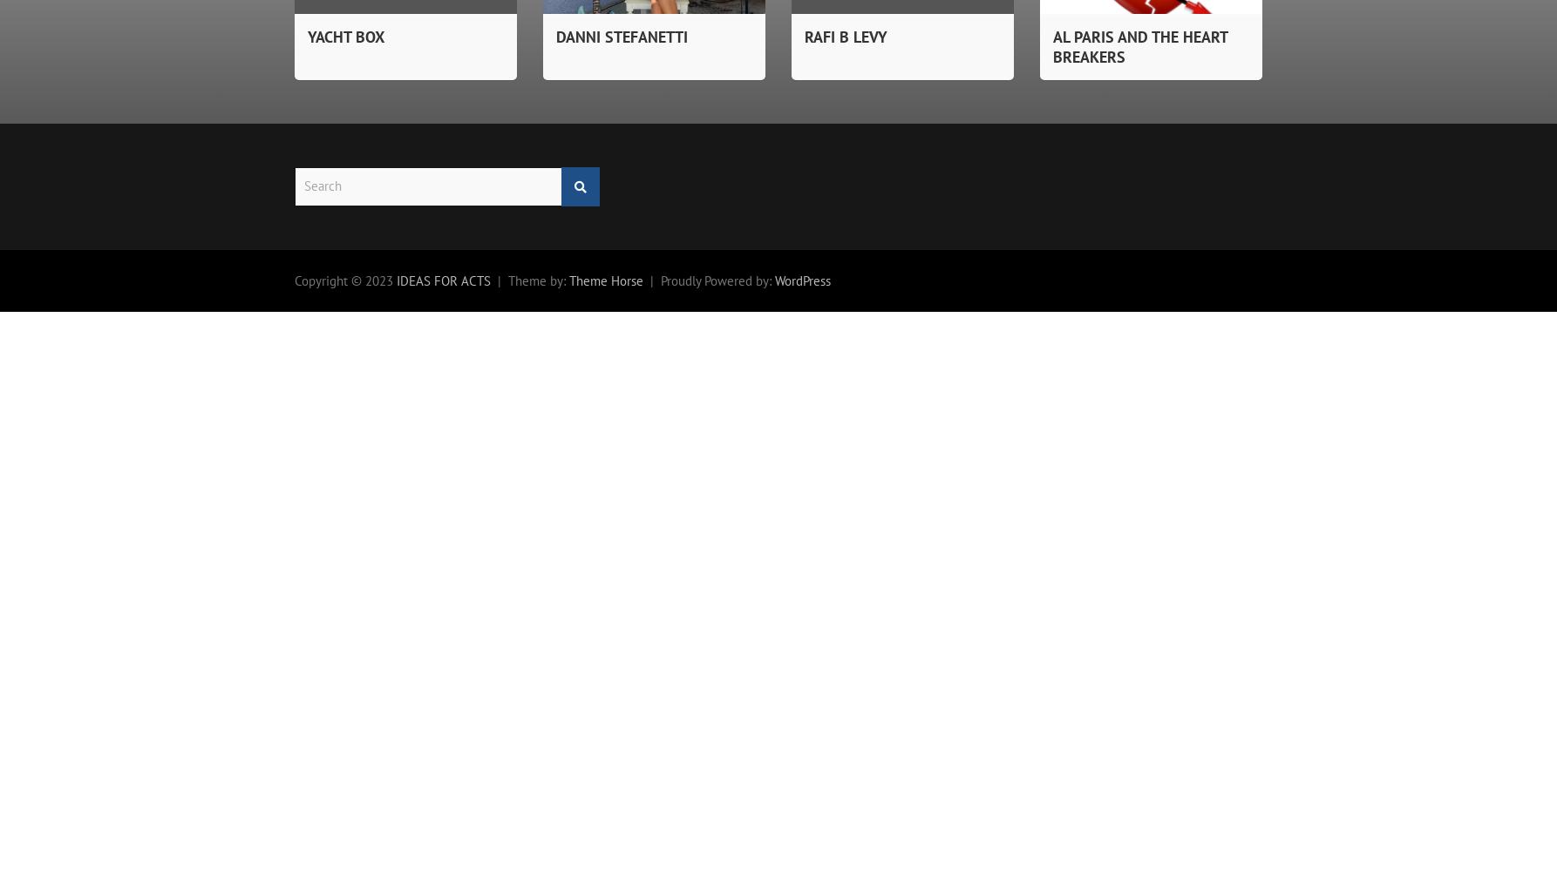 The image size is (1557, 871). Describe the element at coordinates (538, 279) in the screenshot. I see `'Theme by:'` at that location.